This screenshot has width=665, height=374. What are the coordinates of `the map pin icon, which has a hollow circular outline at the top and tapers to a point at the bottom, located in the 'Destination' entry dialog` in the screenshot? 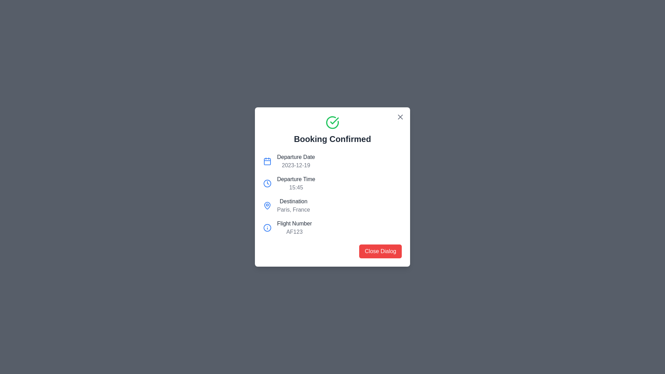 It's located at (267, 205).